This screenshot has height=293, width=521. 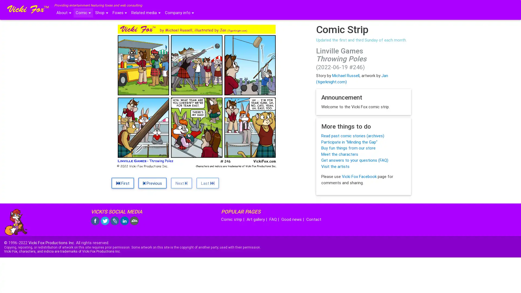 What do you see at coordinates (152, 183) in the screenshot?
I see `Previous` at bounding box center [152, 183].